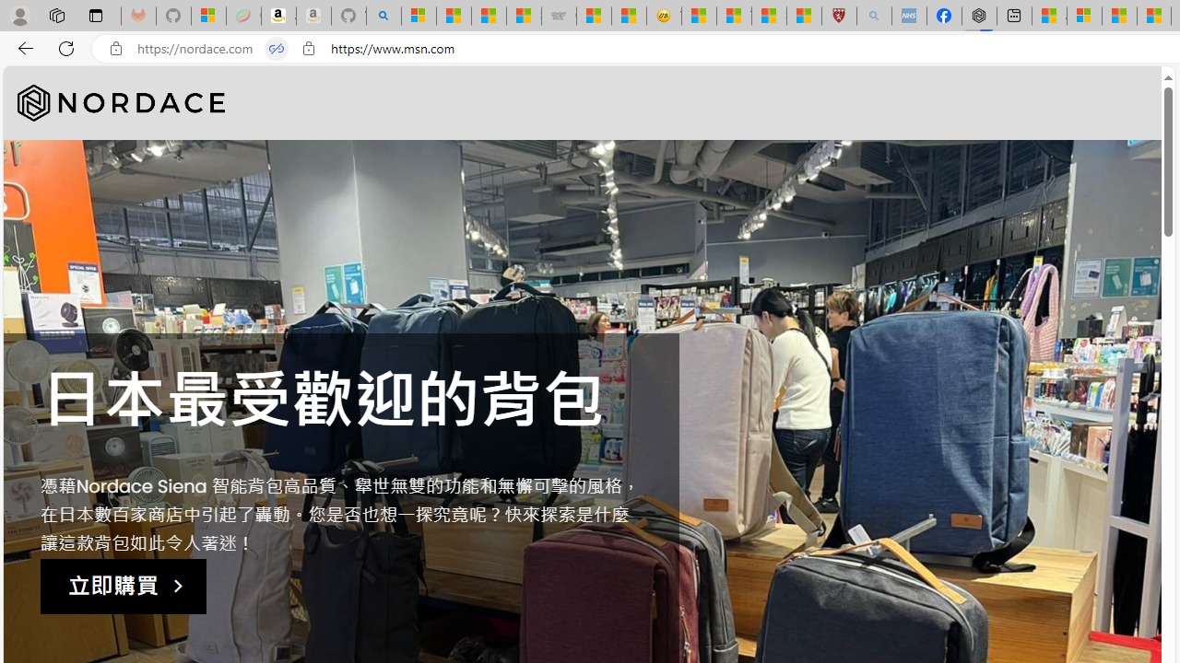  What do you see at coordinates (979, 16) in the screenshot?
I see `'Nordace - Nordace Siena Is Not An Ordinary Backpack'` at bounding box center [979, 16].